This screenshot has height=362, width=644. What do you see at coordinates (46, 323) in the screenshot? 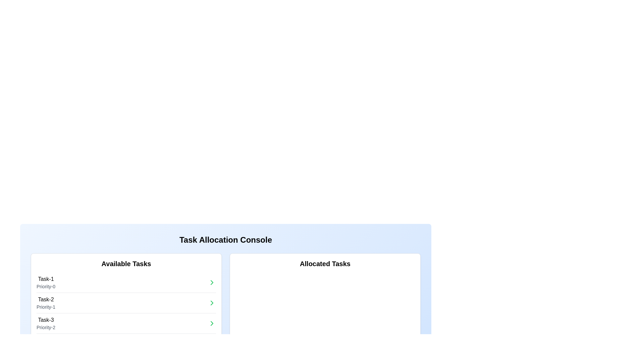
I see `displayed text of the Text label showing 'Task-3' with 'Priority-2' located at the bottom of the 'Available Tasks' section` at bounding box center [46, 323].